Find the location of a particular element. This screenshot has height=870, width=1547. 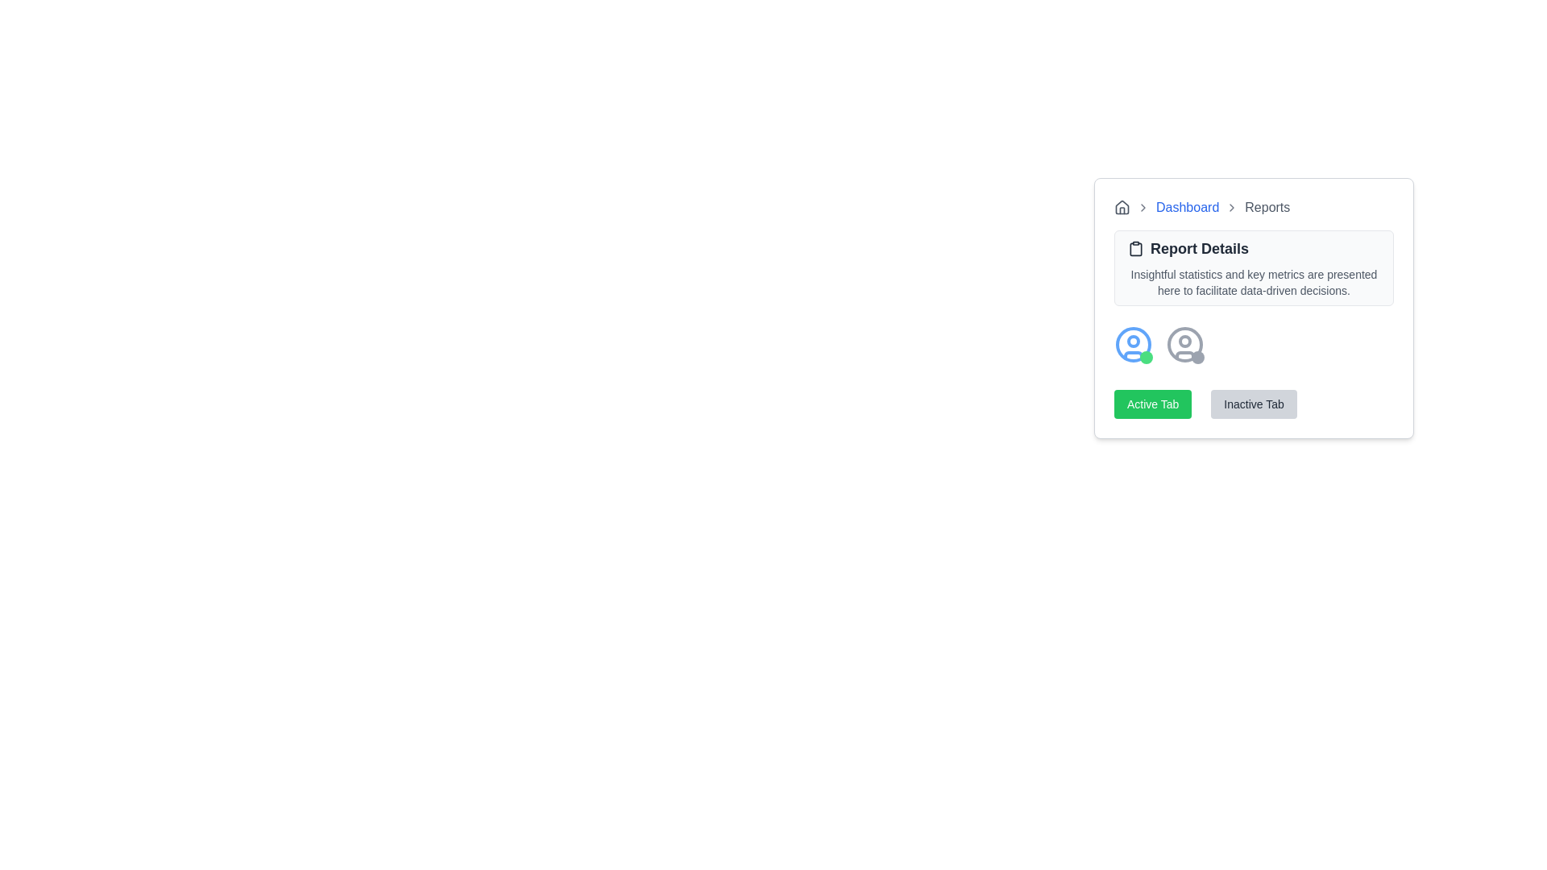

the 'Reports' breadcrumb link in the navigation component at the top of the card, which is styled in gray and positioned after the 'Dashboard' link is located at coordinates (1253, 207).